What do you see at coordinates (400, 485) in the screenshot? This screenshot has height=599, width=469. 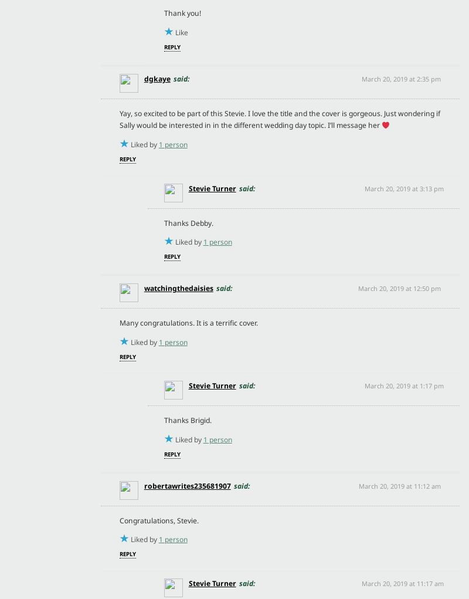 I see `'March 20, 2019 at 11:12 am'` at bounding box center [400, 485].